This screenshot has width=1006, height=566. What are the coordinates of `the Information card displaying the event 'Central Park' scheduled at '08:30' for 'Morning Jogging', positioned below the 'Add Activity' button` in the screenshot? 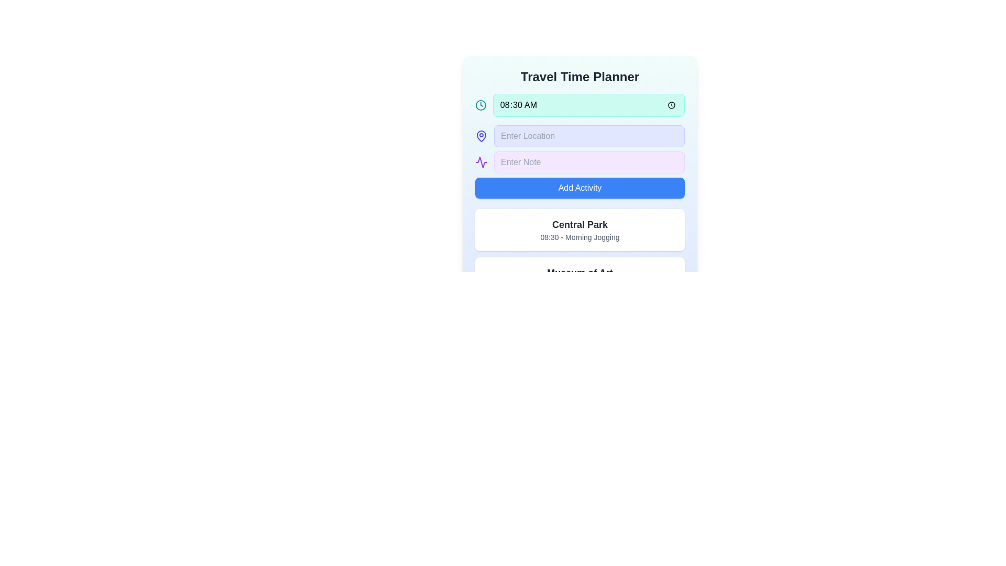 It's located at (579, 230).